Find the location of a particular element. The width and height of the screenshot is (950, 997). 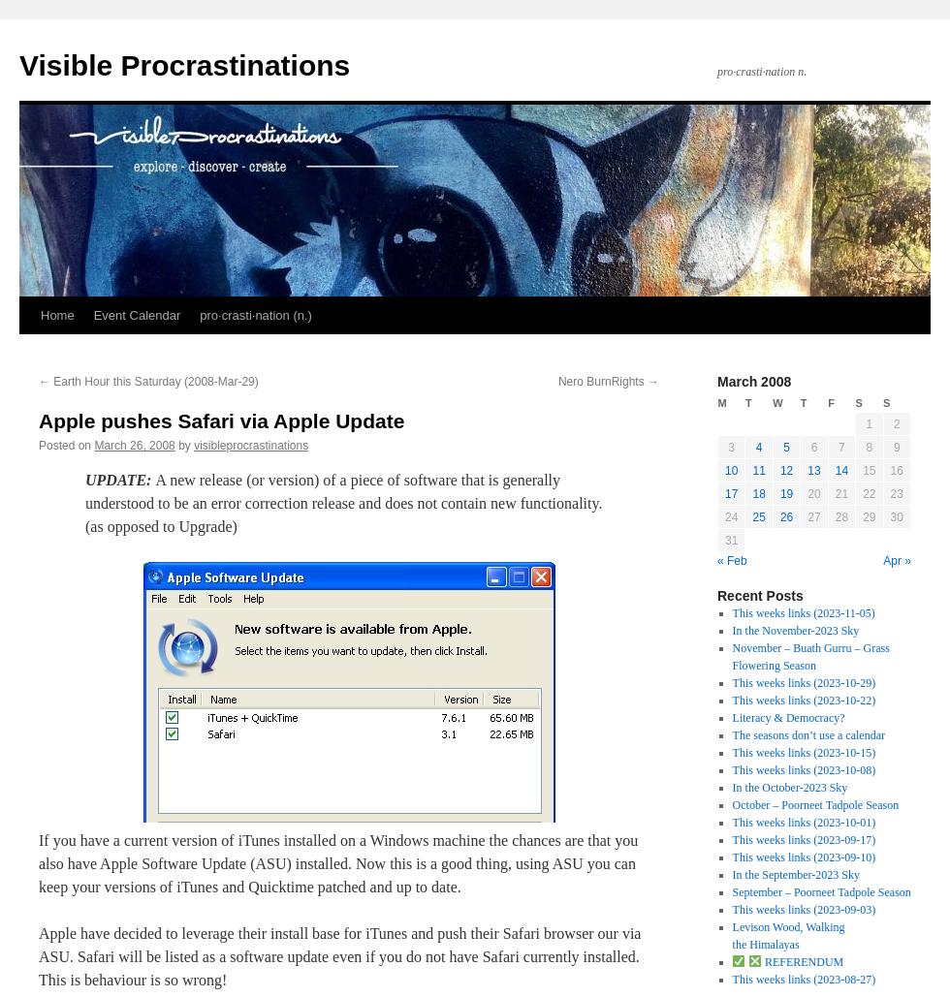

'October – Poorneet Tadpole Season' is located at coordinates (815, 804).